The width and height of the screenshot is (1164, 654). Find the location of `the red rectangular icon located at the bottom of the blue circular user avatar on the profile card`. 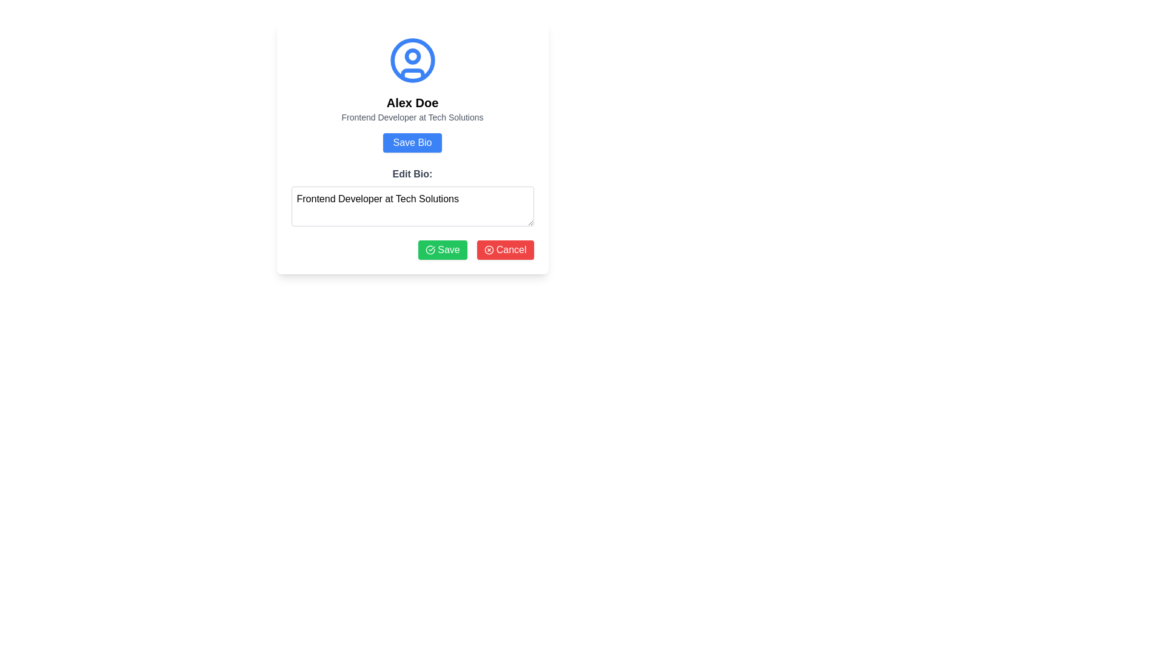

the red rectangular icon located at the bottom of the blue circular user avatar on the profile card is located at coordinates (412, 74).